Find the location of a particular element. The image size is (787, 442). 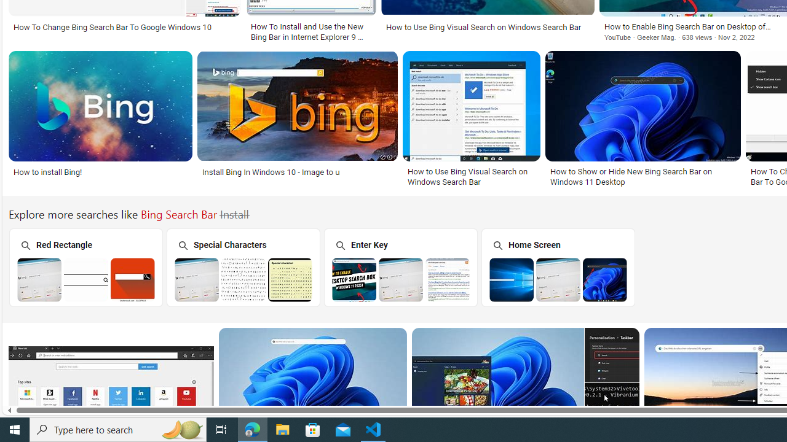

'Bing Search Bar On Home Screen' is located at coordinates (558, 279).